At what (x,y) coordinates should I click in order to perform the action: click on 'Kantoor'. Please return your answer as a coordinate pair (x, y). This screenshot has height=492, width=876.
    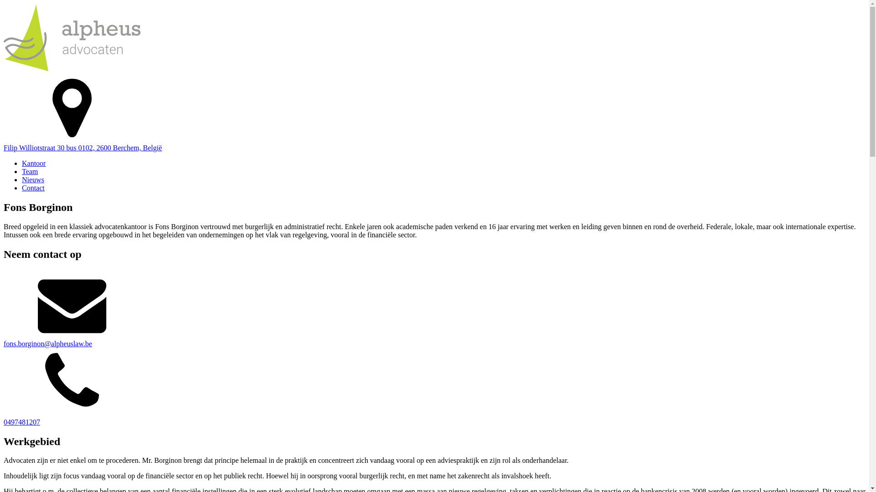
    Looking at the image, I should click on (33, 163).